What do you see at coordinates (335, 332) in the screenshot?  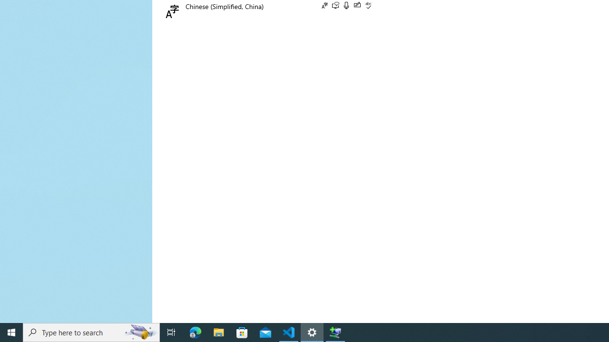 I see `'Extensible Wizards Host Process - 1 running window'` at bounding box center [335, 332].